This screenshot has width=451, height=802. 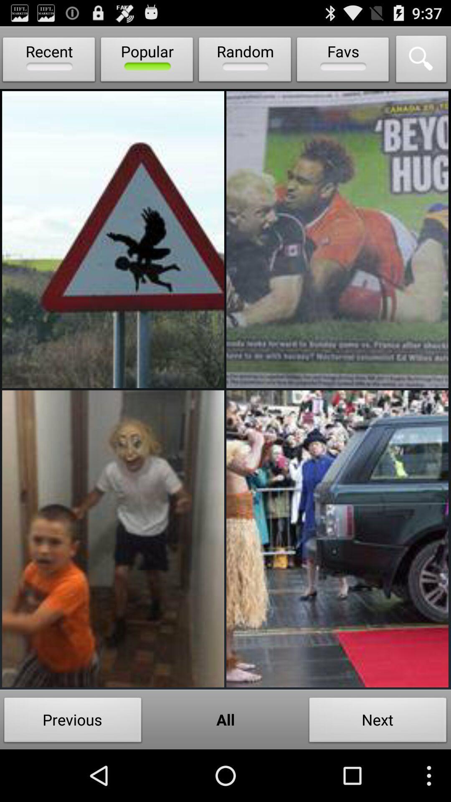 I want to click on the icon to the right of the recent, so click(x=147, y=61).